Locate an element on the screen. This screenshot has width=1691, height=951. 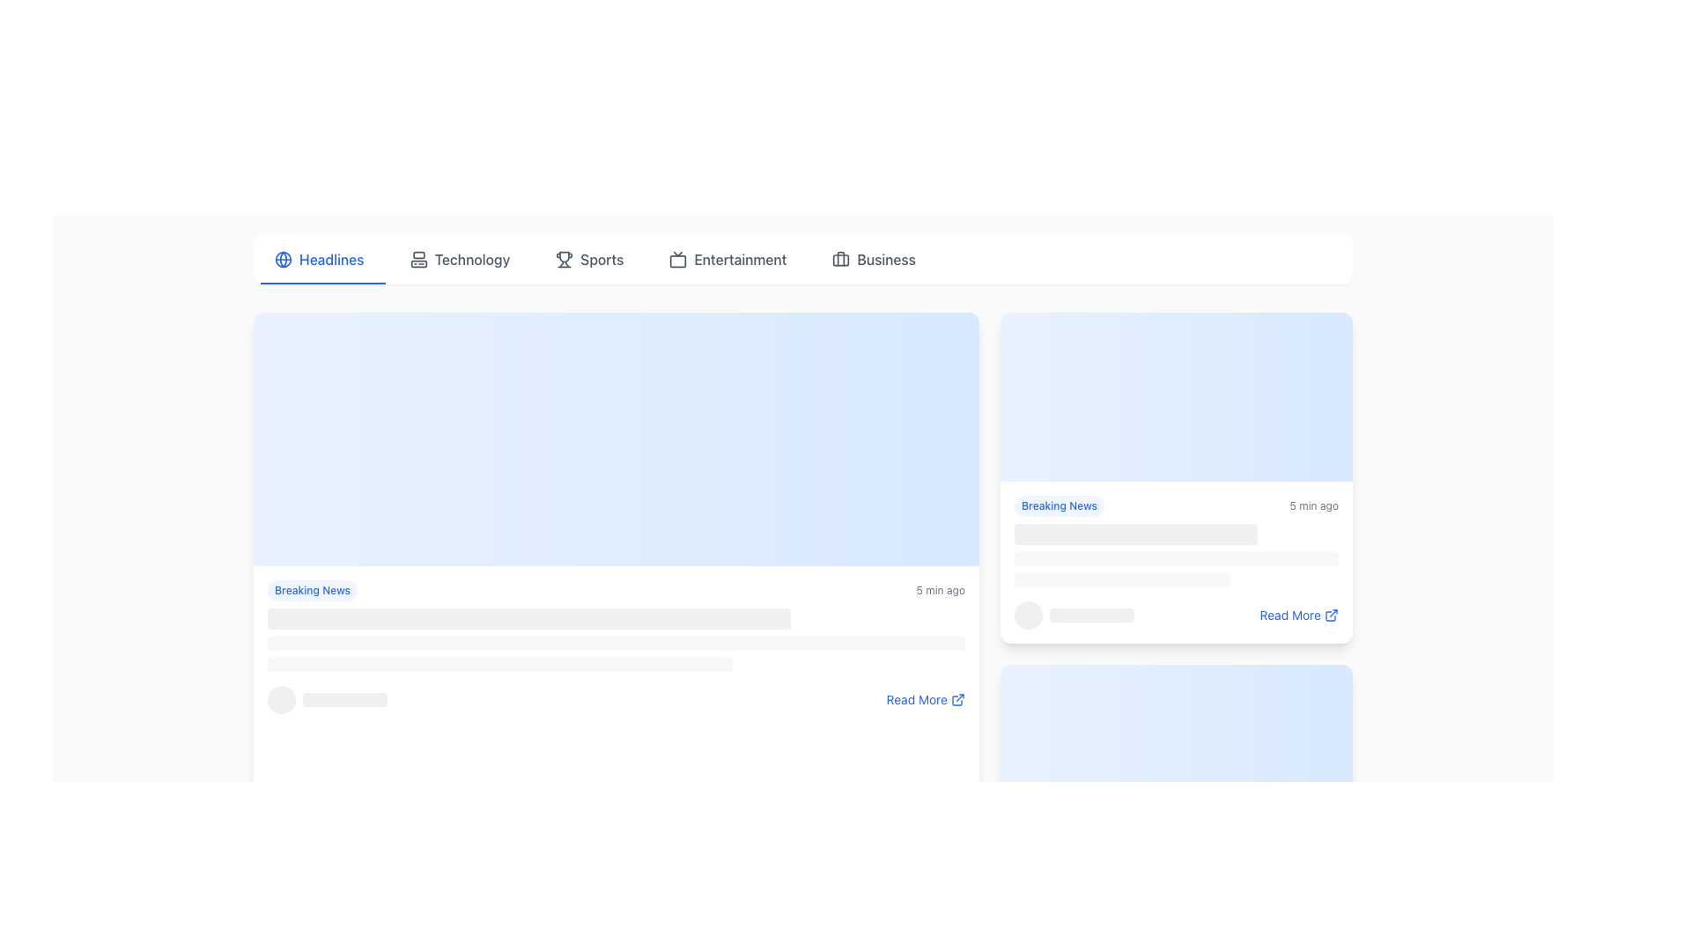
the hyperlink located at the bottom-right corner of the card layout is located at coordinates (925, 698).